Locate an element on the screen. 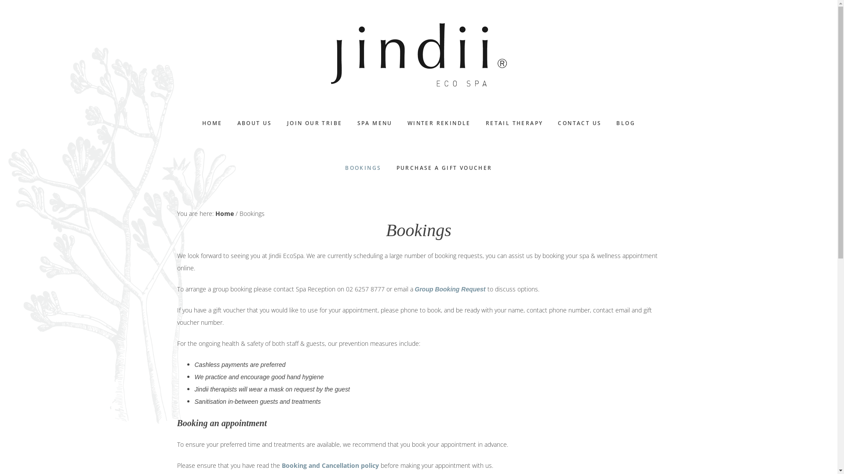 This screenshot has height=474, width=844. 'WINTER REKINDLE' is located at coordinates (400, 123).